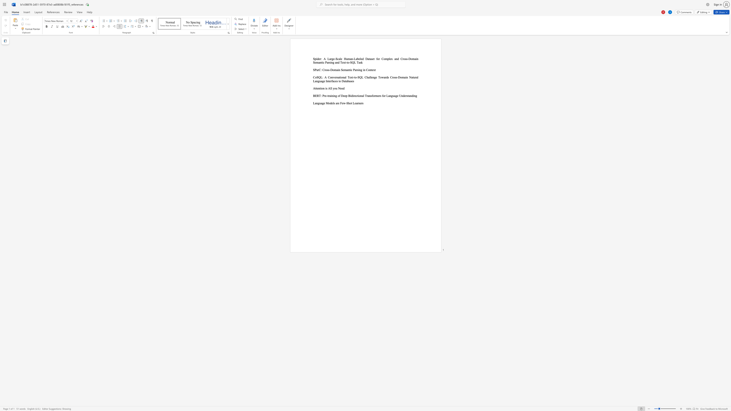  Describe the element at coordinates (318, 88) in the screenshot. I see `the subset text "nt" within the text "Attention is All you Need"` at that location.